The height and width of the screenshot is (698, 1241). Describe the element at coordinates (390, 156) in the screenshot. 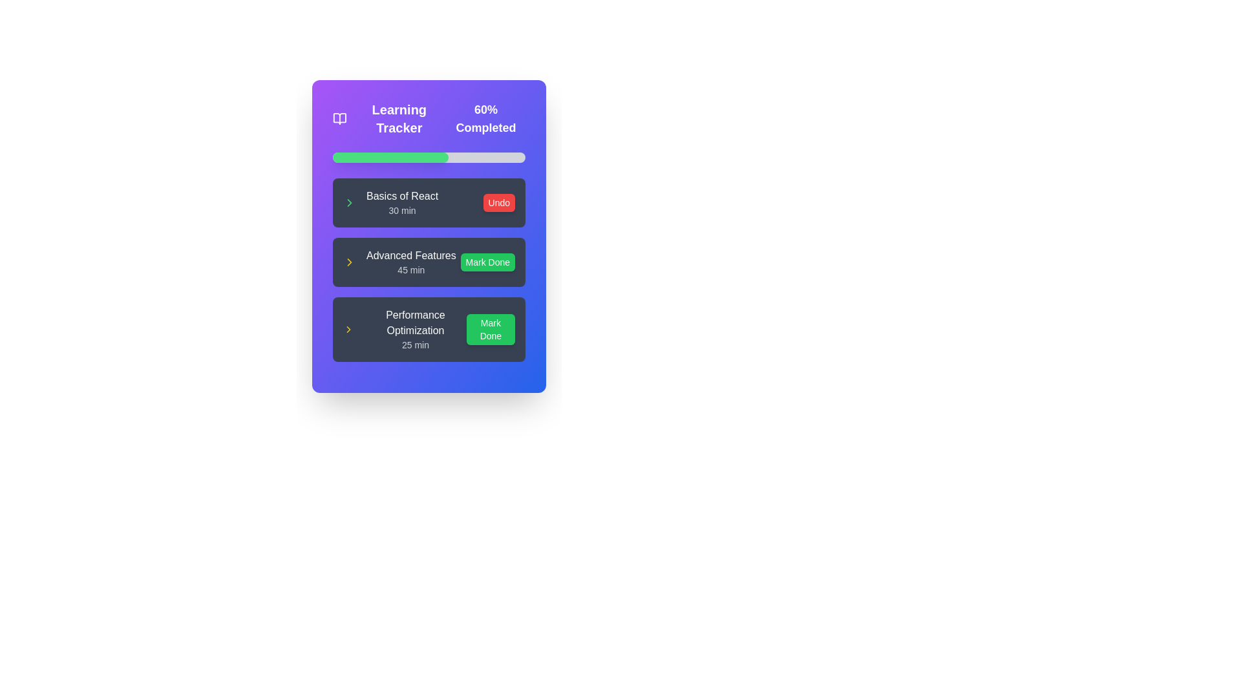

I see `the green progress bar that visually represents the completion percentage of a task, located inside the horizontal progress track near the top of the interface` at that location.